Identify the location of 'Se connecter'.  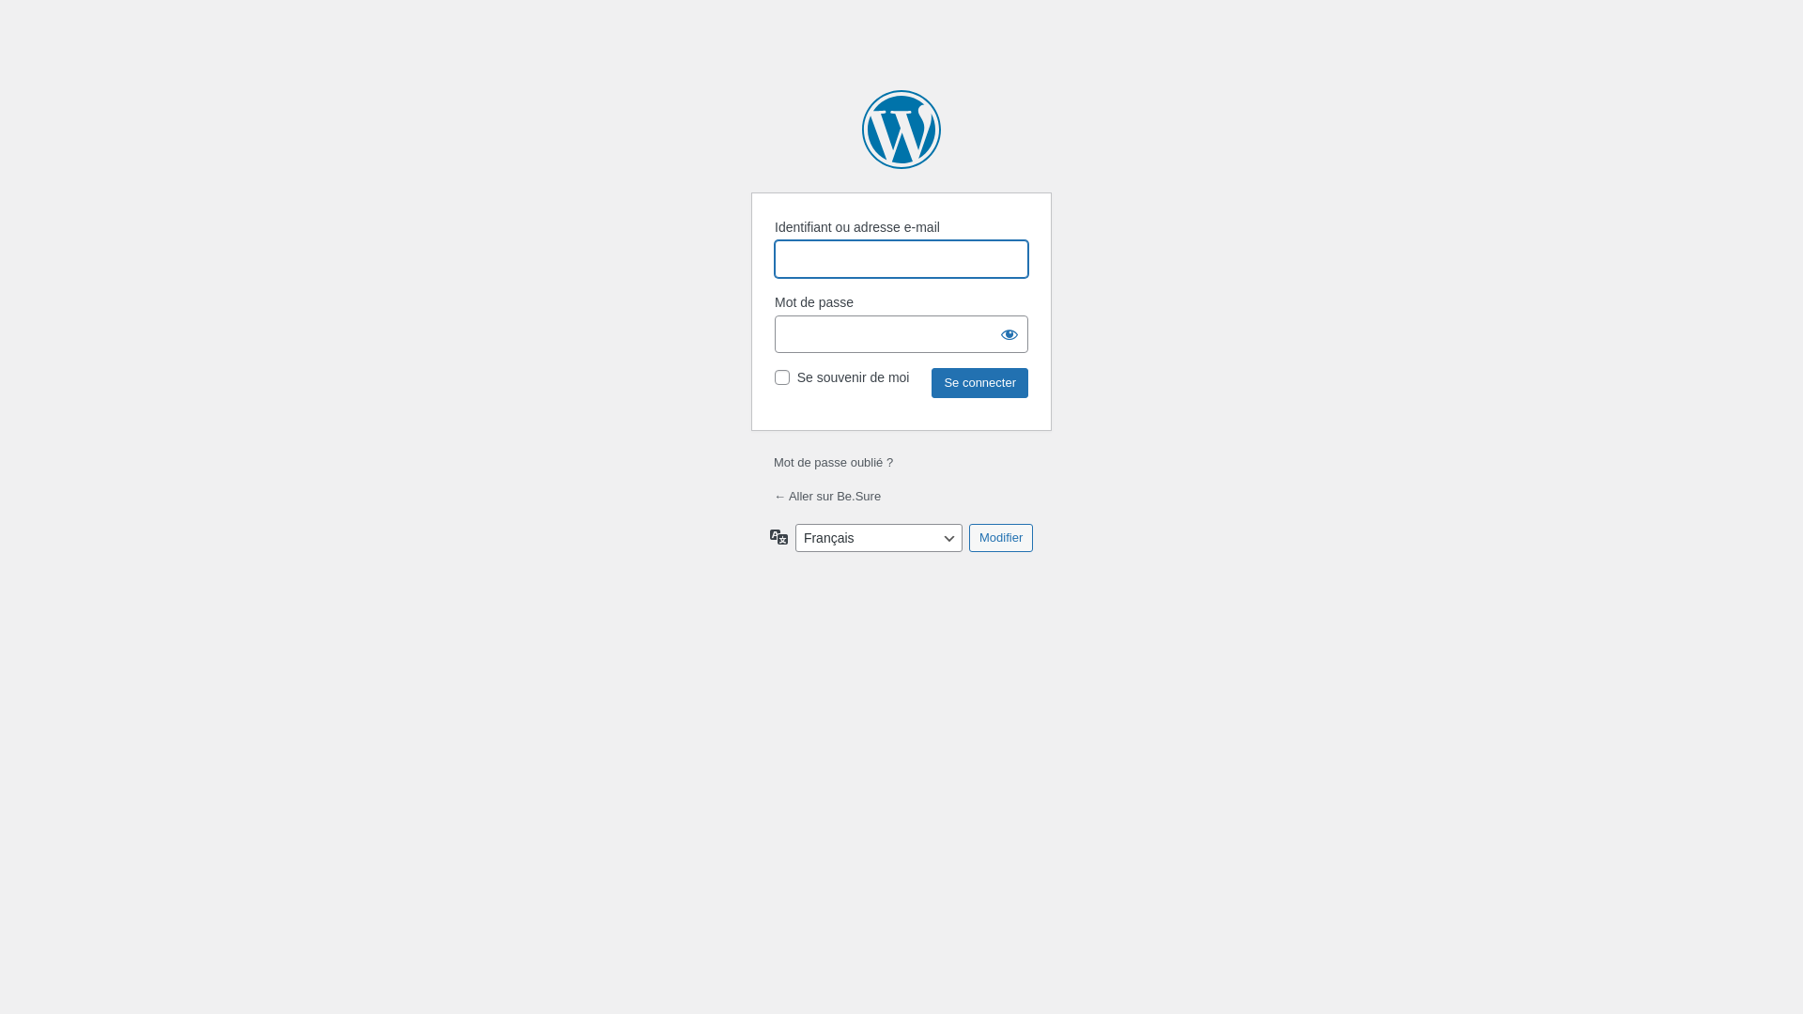
(979, 382).